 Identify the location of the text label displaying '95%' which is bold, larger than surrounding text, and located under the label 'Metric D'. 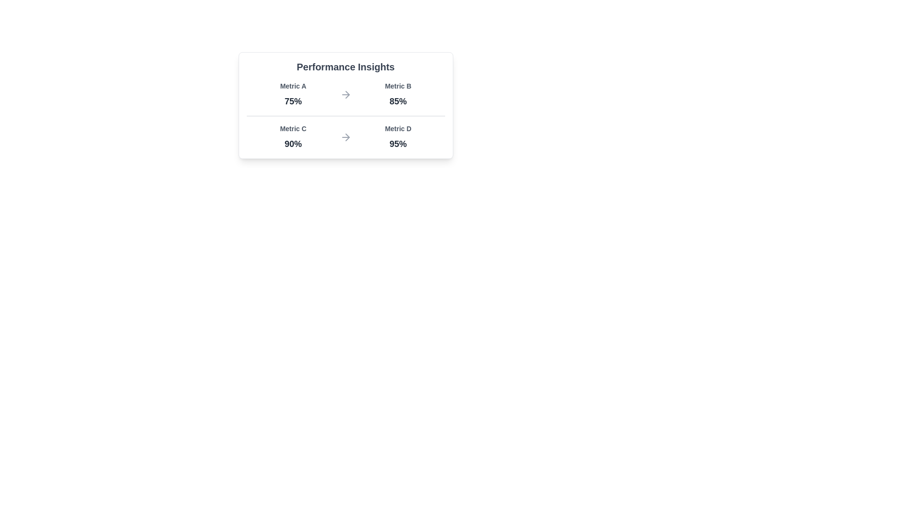
(398, 144).